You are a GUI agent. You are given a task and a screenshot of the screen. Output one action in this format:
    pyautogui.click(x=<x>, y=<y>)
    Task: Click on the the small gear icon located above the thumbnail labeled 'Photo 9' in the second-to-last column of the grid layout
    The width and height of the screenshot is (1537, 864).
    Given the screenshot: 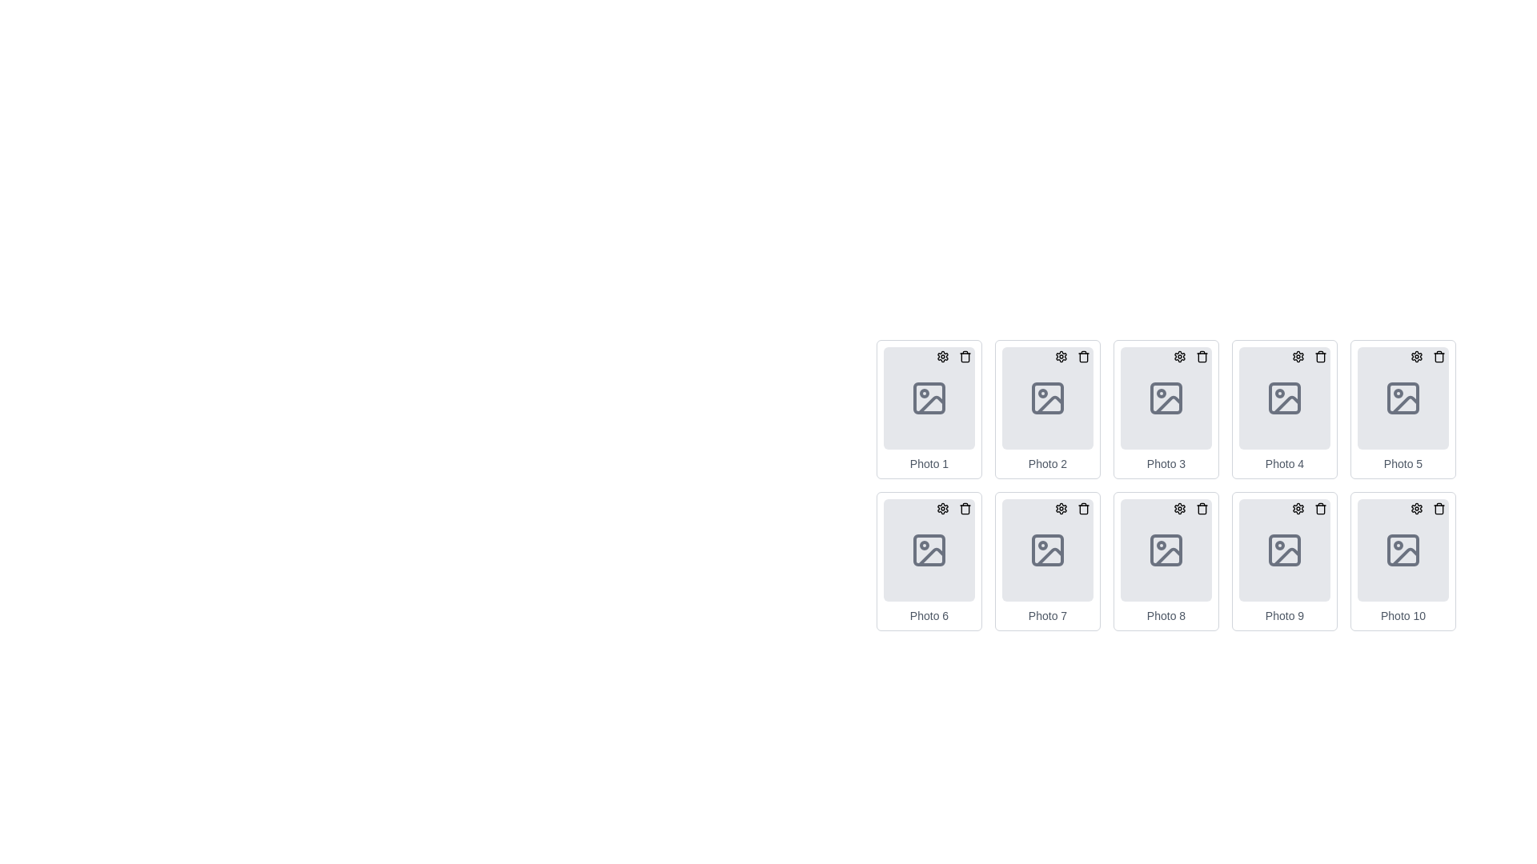 What is the action you would take?
    pyautogui.click(x=1298, y=509)
    